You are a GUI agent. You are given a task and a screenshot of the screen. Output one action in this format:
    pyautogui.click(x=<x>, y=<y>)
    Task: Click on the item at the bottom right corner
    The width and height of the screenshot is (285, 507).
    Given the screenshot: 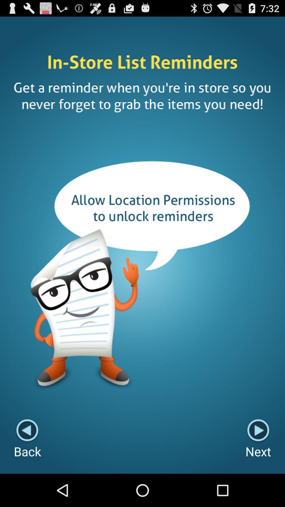 What is the action you would take?
    pyautogui.click(x=258, y=439)
    